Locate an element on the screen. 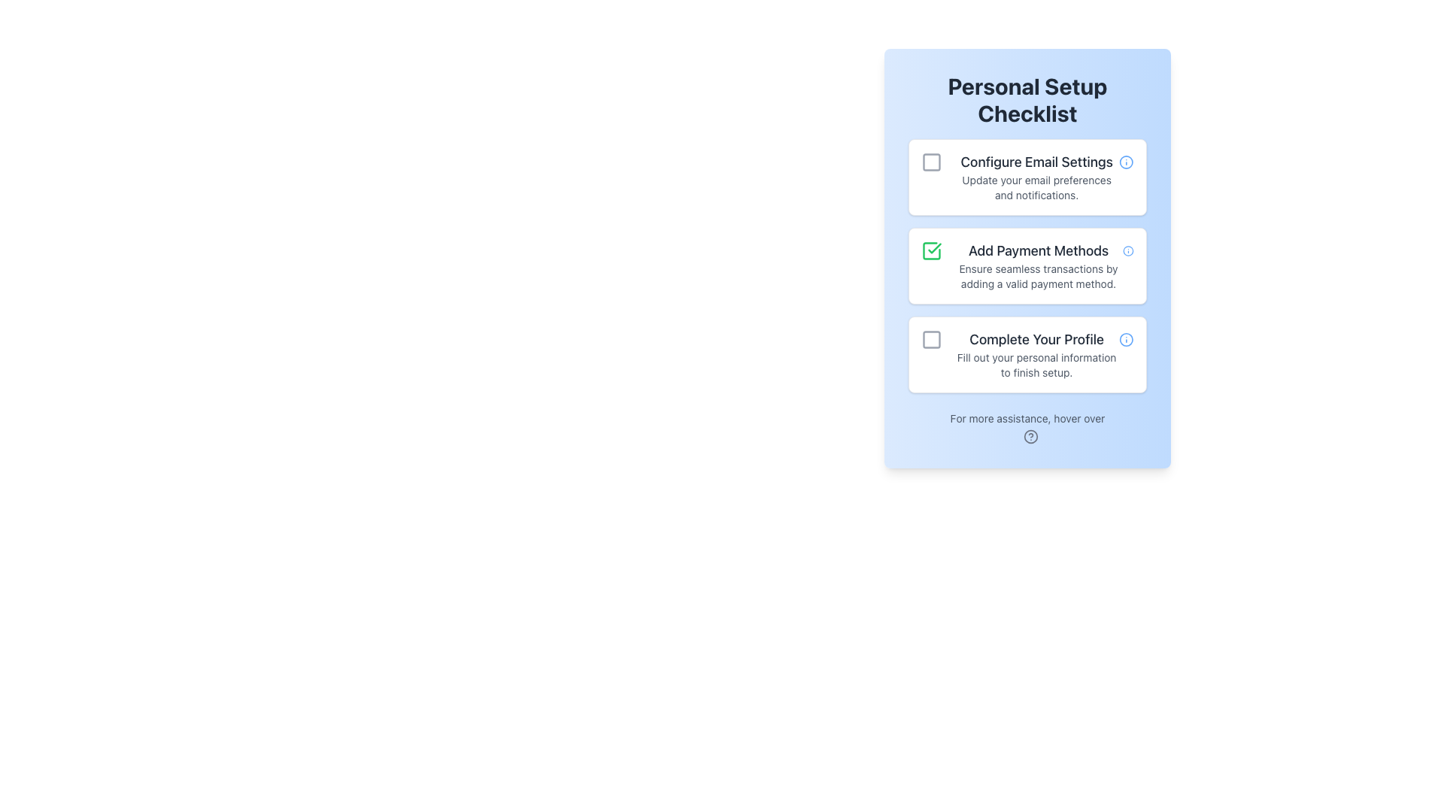  the informational icon located at the right end of the 'Complete Your Profile' task in the 'Personal Setup Checklist' interface, which provides additional information related to the task is located at coordinates (1127, 339).